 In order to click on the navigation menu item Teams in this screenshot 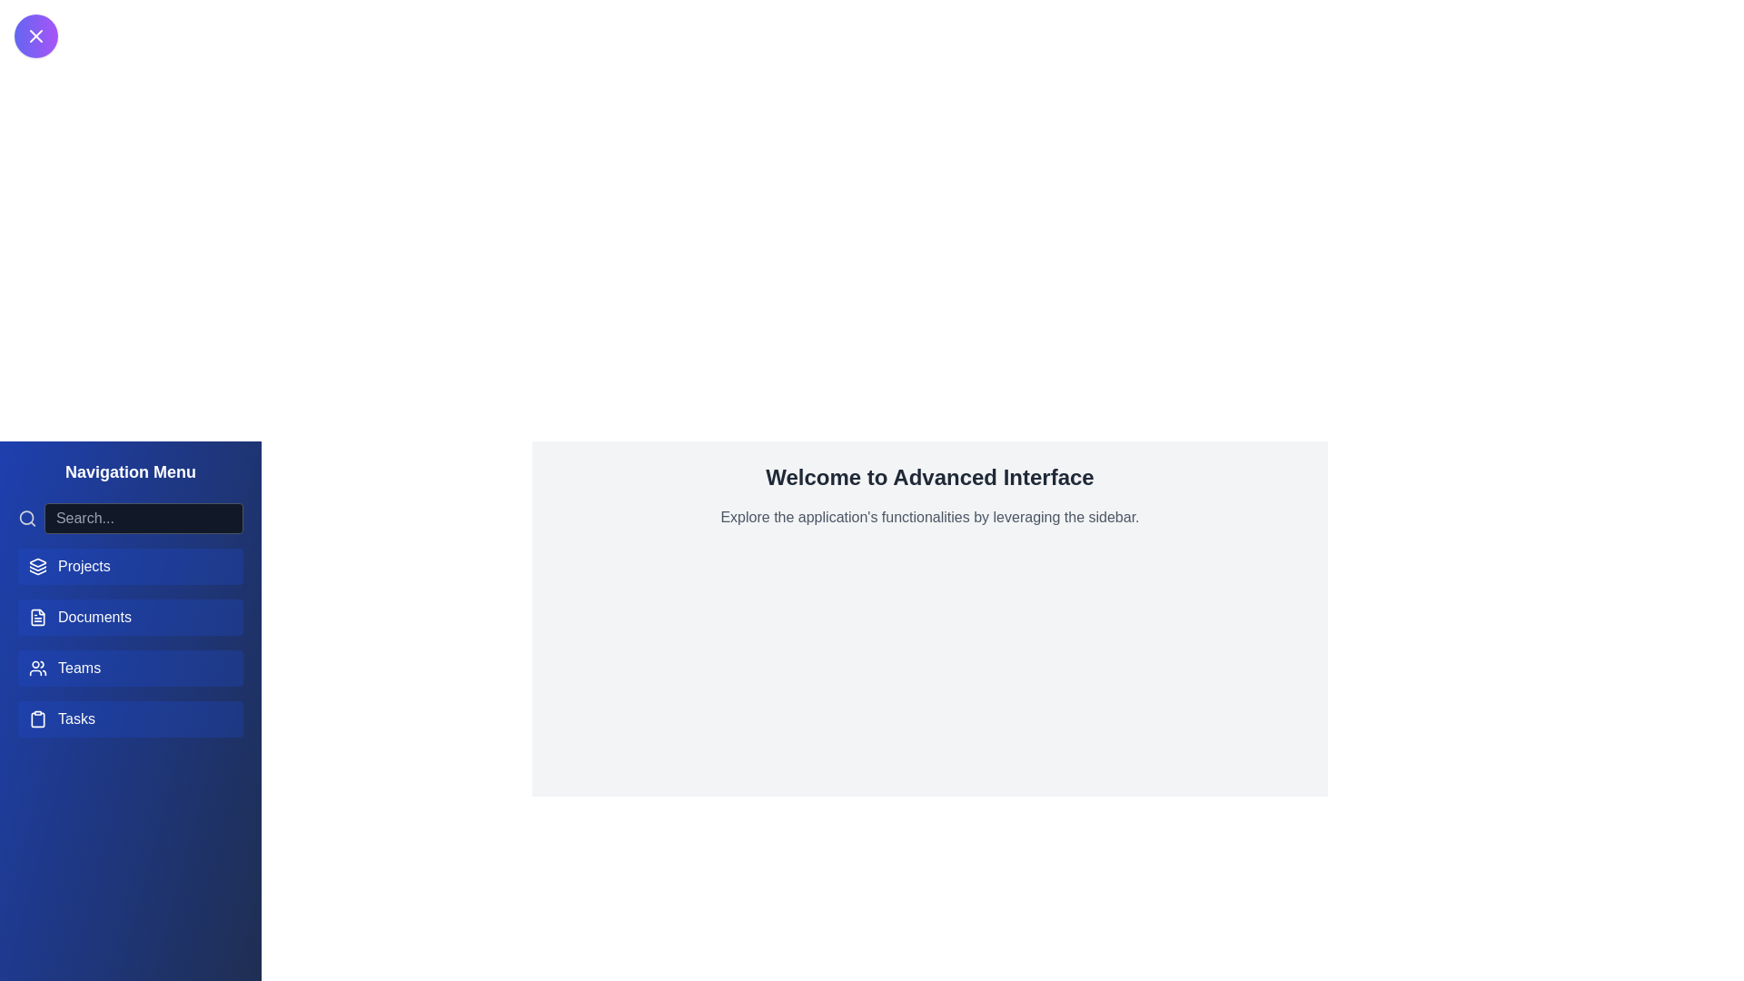, I will do `click(130, 669)`.